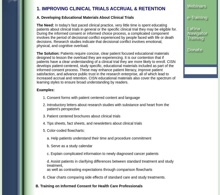  Describe the element at coordinates (99, 137) in the screenshot. I see `'a. Help patients understand their time and procedure commitment'` at that location.